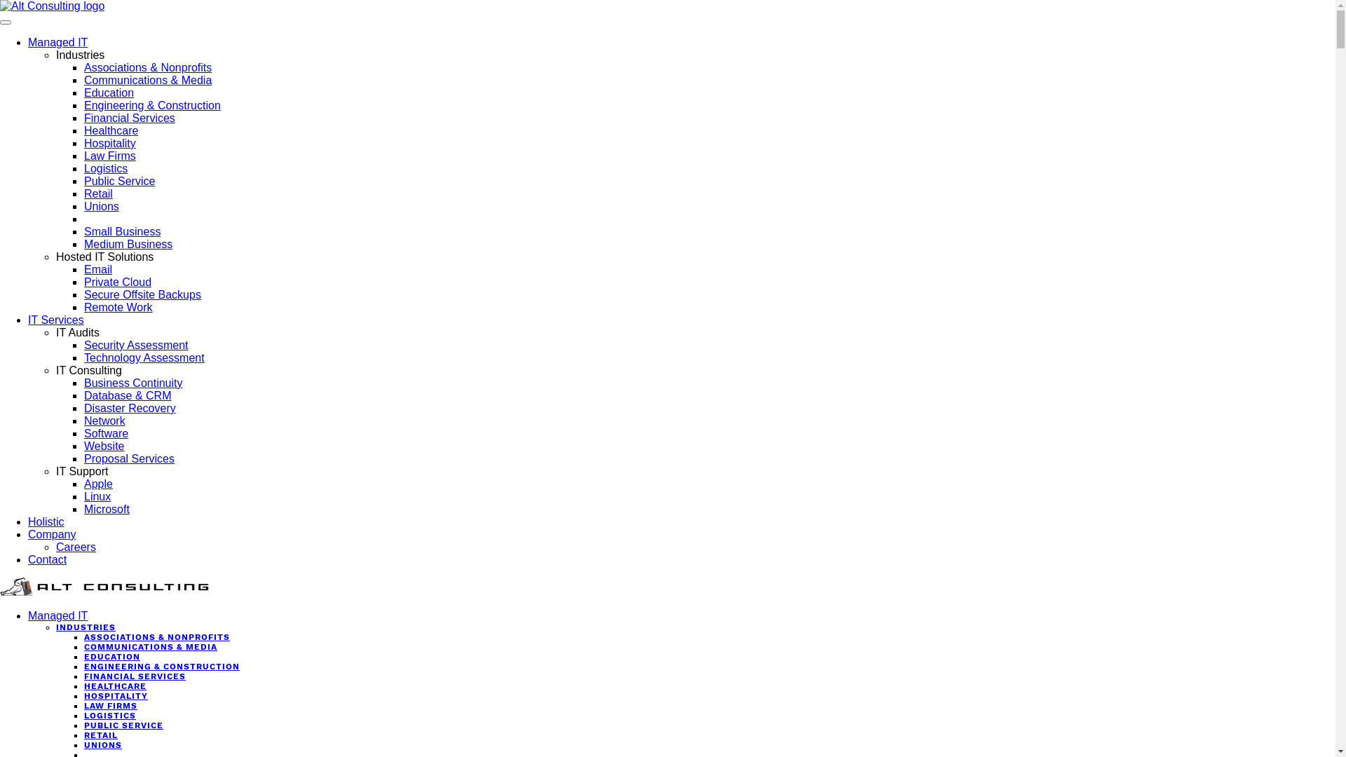  Describe the element at coordinates (109, 143) in the screenshot. I see `'Hospitality'` at that location.